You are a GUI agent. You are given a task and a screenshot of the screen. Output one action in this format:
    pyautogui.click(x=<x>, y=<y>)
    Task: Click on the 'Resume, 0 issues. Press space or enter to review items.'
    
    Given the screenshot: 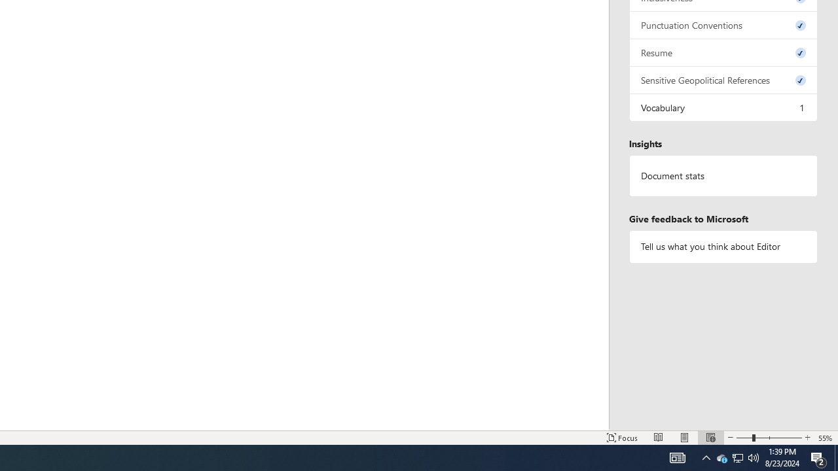 What is the action you would take?
    pyautogui.click(x=723, y=52)
    